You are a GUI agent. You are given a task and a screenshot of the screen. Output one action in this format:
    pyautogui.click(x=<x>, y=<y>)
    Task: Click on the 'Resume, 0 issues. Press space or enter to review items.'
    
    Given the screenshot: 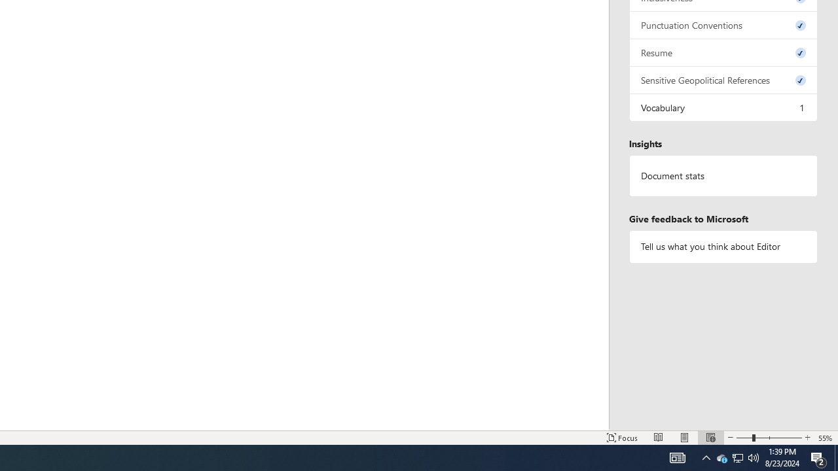 What is the action you would take?
    pyautogui.click(x=723, y=52)
    